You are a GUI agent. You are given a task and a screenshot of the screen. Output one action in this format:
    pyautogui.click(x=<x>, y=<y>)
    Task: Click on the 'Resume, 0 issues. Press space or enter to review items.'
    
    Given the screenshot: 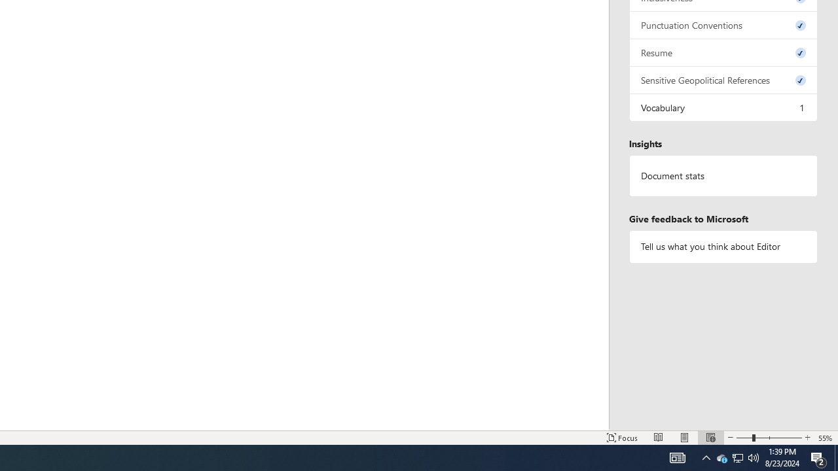 What is the action you would take?
    pyautogui.click(x=723, y=52)
    